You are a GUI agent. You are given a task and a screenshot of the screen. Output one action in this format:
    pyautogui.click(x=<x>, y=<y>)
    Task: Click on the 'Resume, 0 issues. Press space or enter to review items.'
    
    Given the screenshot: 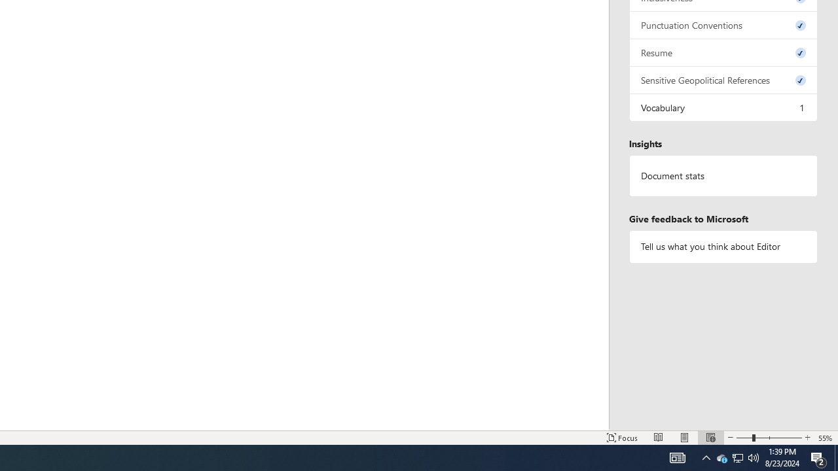 What is the action you would take?
    pyautogui.click(x=723, y=52)
    